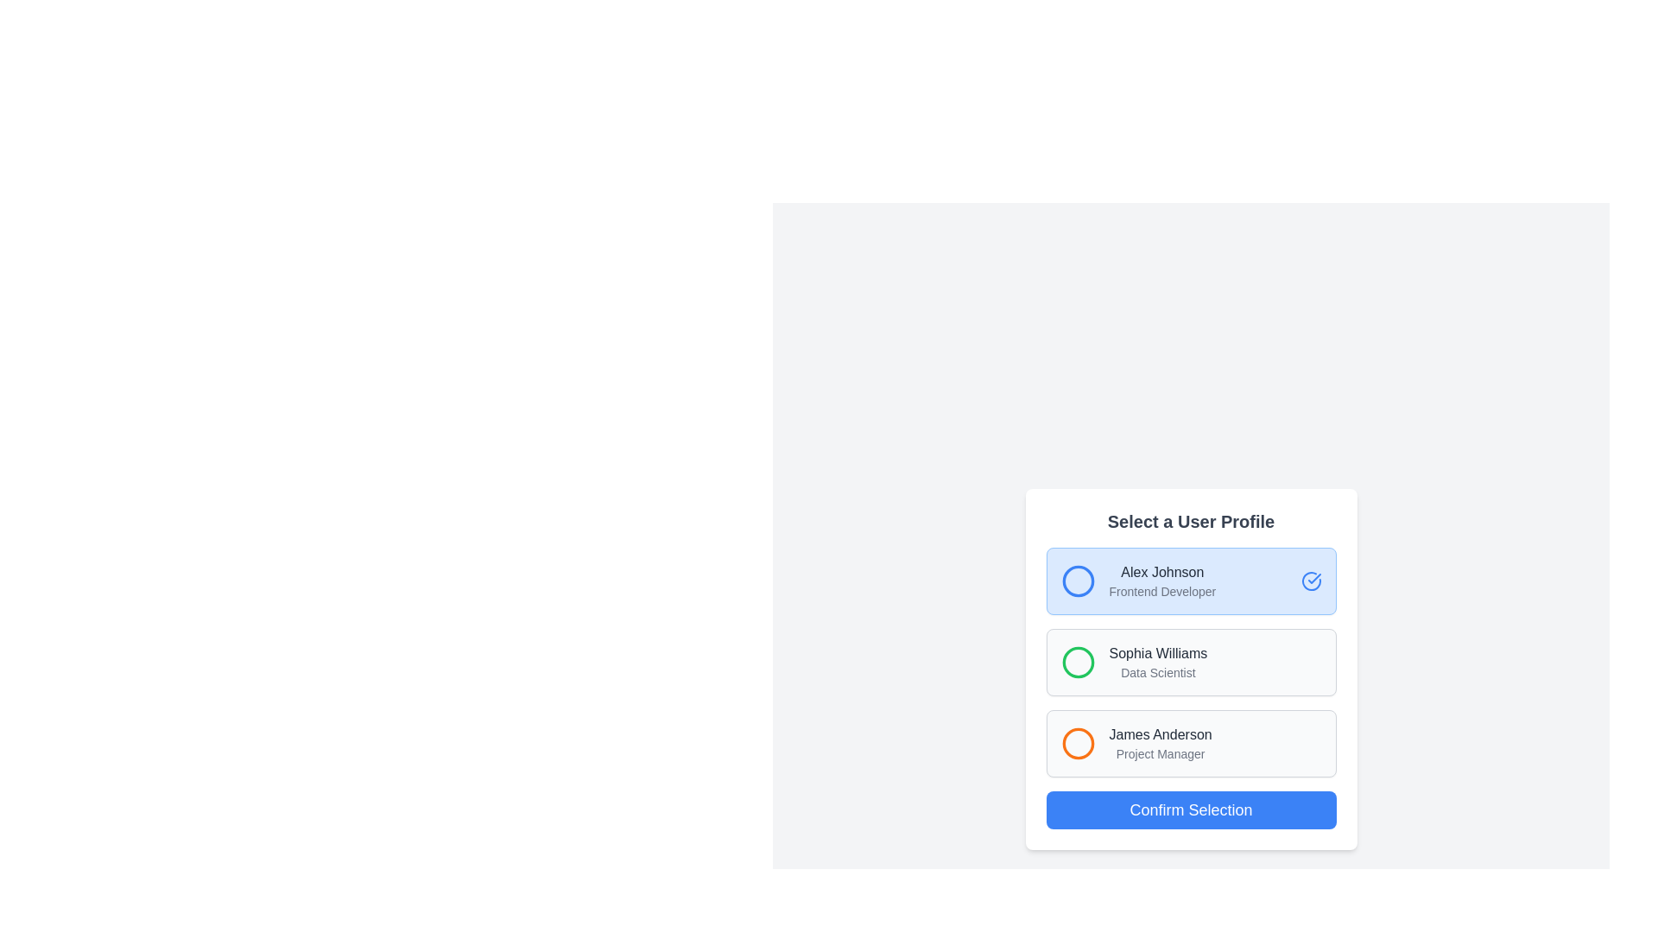 This screenshot has height=933, width=1658. I want to click on the Confirmation Icon, a circular blue icon with a checkmark inside, located at the far-right end of the card for Alex Johnson, within a blue-highlighted selection box, so click(1311, 581).